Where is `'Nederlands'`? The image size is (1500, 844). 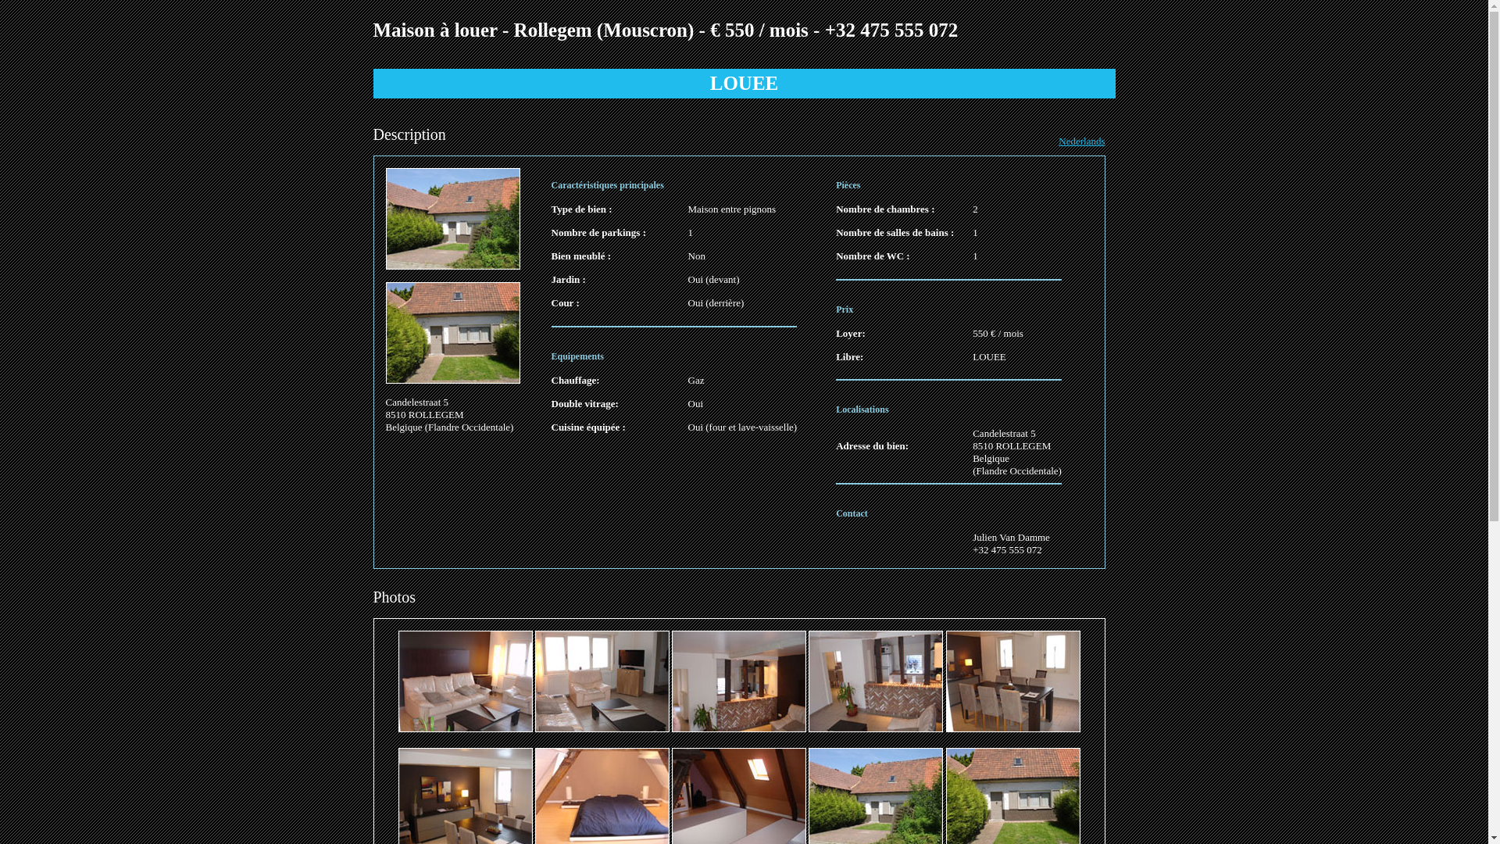
'Nederlands' is located at coordinates (1080, 141).